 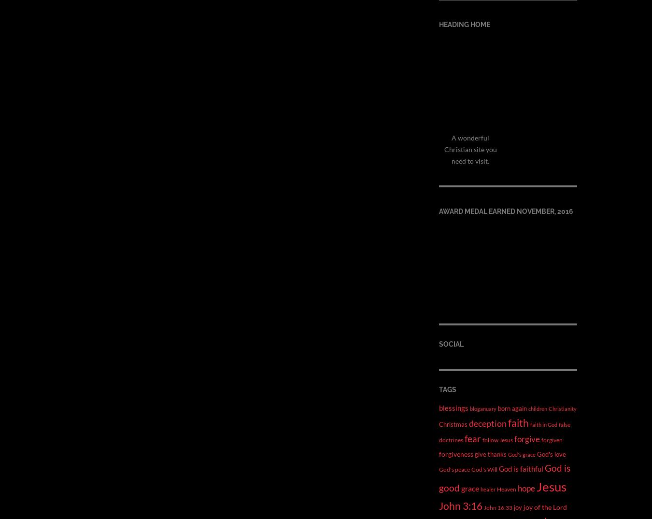 What do you see at coordinates (472, 438) in the screenshot?
I see `'fear'` at bounding box center [472, 438].